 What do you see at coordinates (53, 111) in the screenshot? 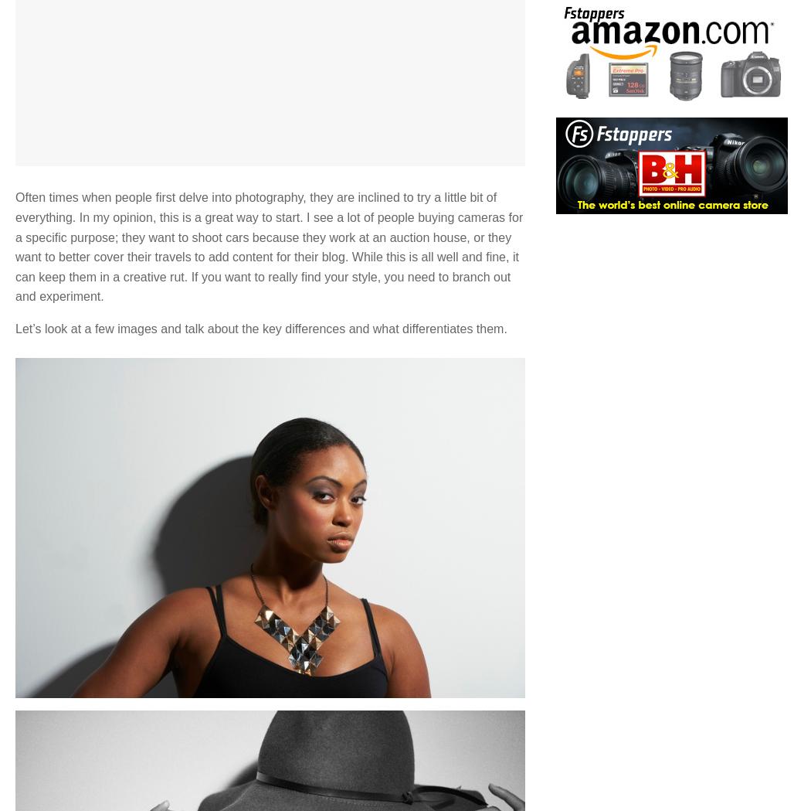
I see `'1 Comment'` at bounding box center [53, 111].